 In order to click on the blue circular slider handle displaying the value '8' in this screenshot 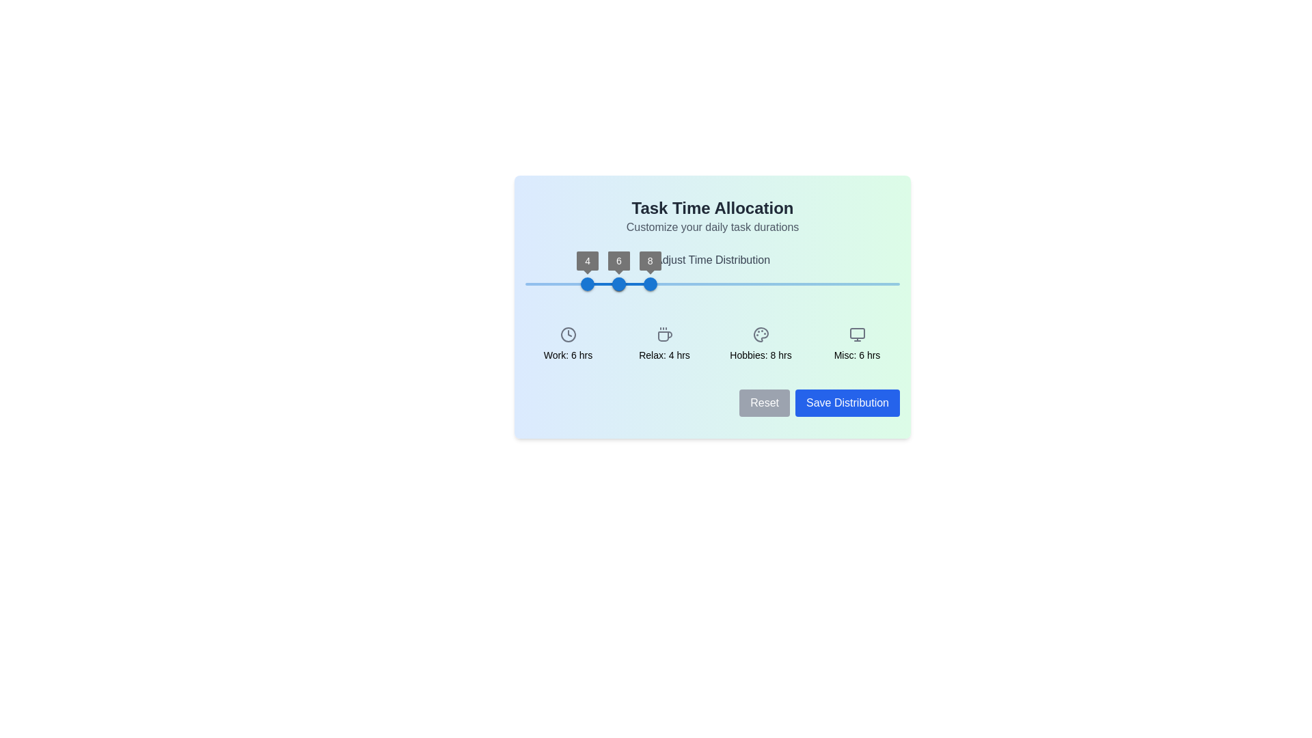, I will do `click(649, 284)`.